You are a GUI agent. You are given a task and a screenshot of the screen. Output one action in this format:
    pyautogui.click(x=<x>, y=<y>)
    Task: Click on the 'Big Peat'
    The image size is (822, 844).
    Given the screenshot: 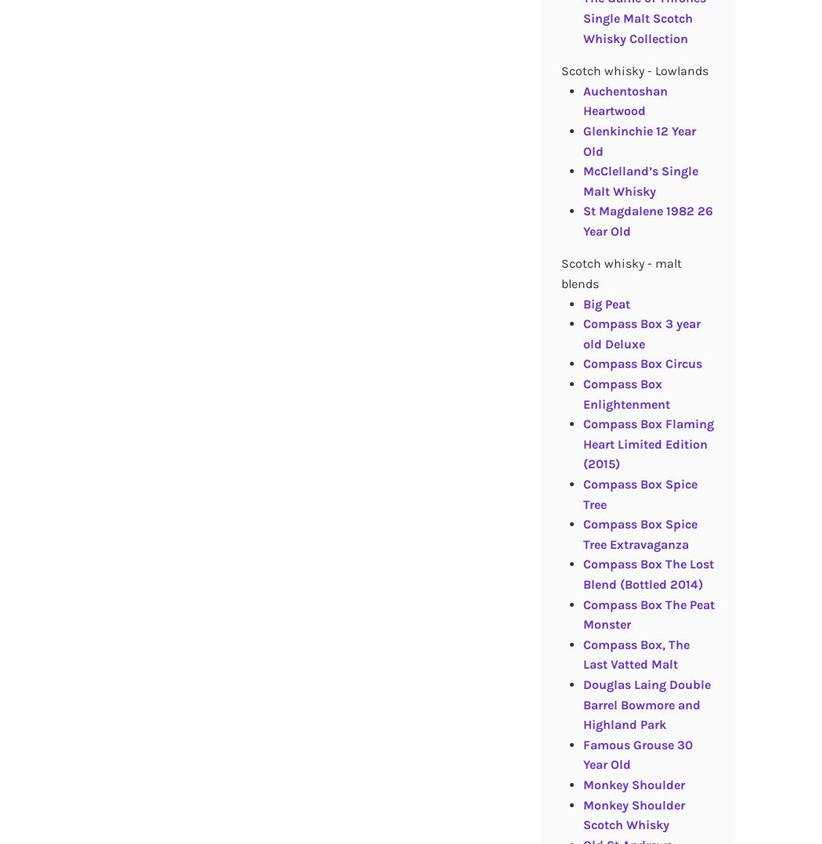 What is the action you would take?
    pyautogui.click(x=605, y=302)
    